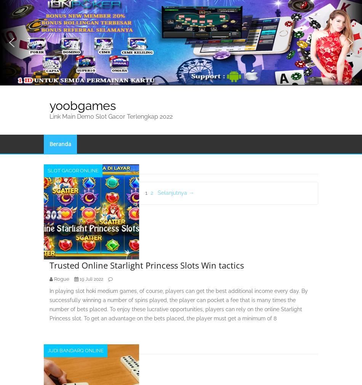  What do you see at coordinates (178, 304) in the screenshot?
I see `'In playing slot hoki medium games, of course, players can get the best additional income every day. By successfully winning a number of spins played, the player can pocket a fee that is many times the number of bets placed. To enjoy these lucrative opportunities, players can rely on the online Starlight Princess slot. To get an advantage on the bets placed, the player must get a minimum of 8'` at bounding box center [178, 304].